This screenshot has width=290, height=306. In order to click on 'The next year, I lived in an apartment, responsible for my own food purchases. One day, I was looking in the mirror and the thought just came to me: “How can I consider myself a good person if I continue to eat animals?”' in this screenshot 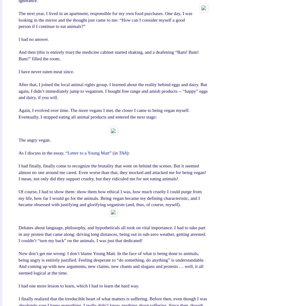, I will do `click(105, 19)`.